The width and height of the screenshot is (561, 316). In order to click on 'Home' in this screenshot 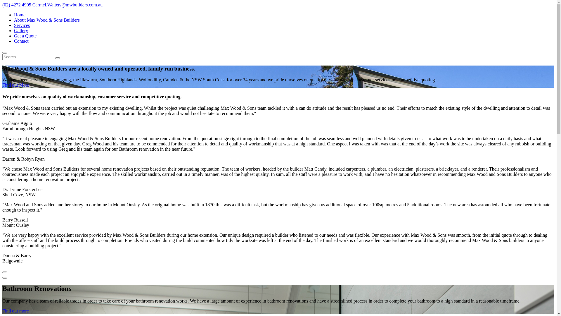, I will do `click(20, 14)`.